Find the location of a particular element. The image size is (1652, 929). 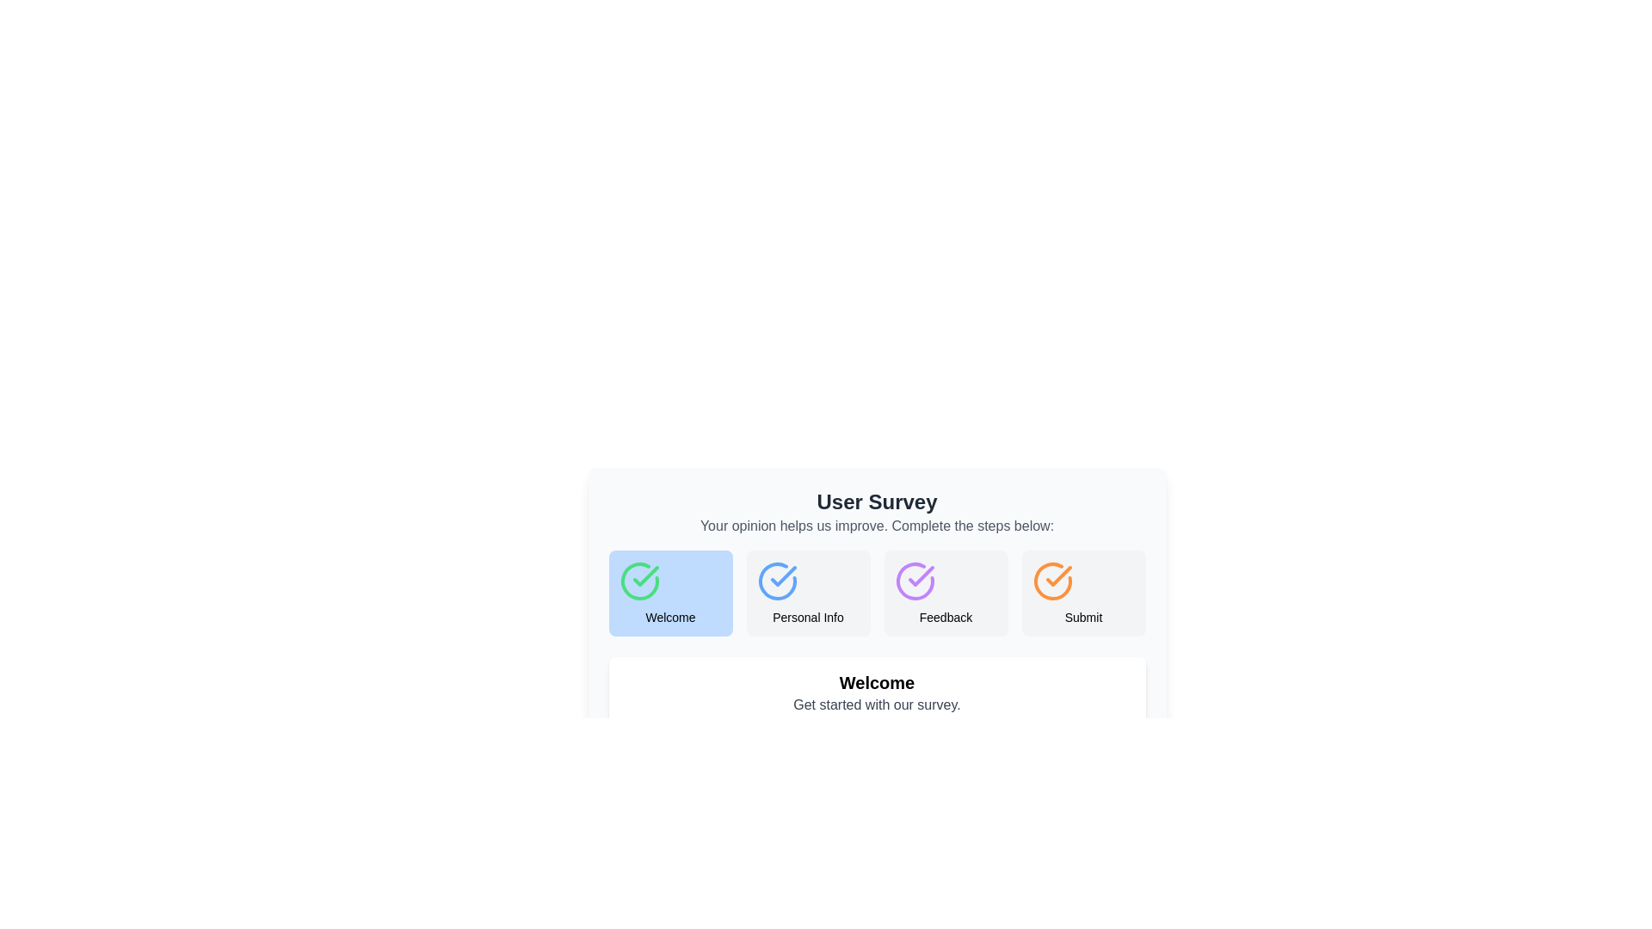

the green circular progress icon with an open outline that resembles a checkmark, located in the upper-left of the grid layout, above the 'Welcome' label is located at coordinates (638, 581).